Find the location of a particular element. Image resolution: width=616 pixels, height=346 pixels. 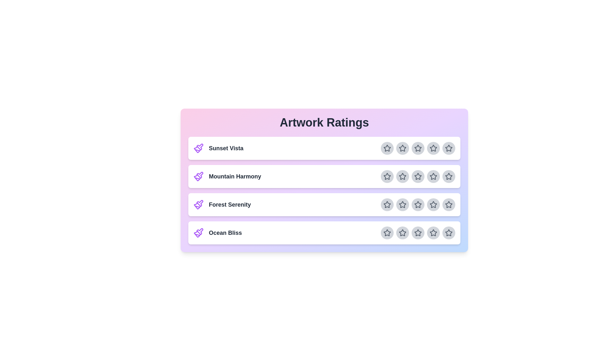

the header title 'Artwork Ratings' is located at coordinates (324, 122).